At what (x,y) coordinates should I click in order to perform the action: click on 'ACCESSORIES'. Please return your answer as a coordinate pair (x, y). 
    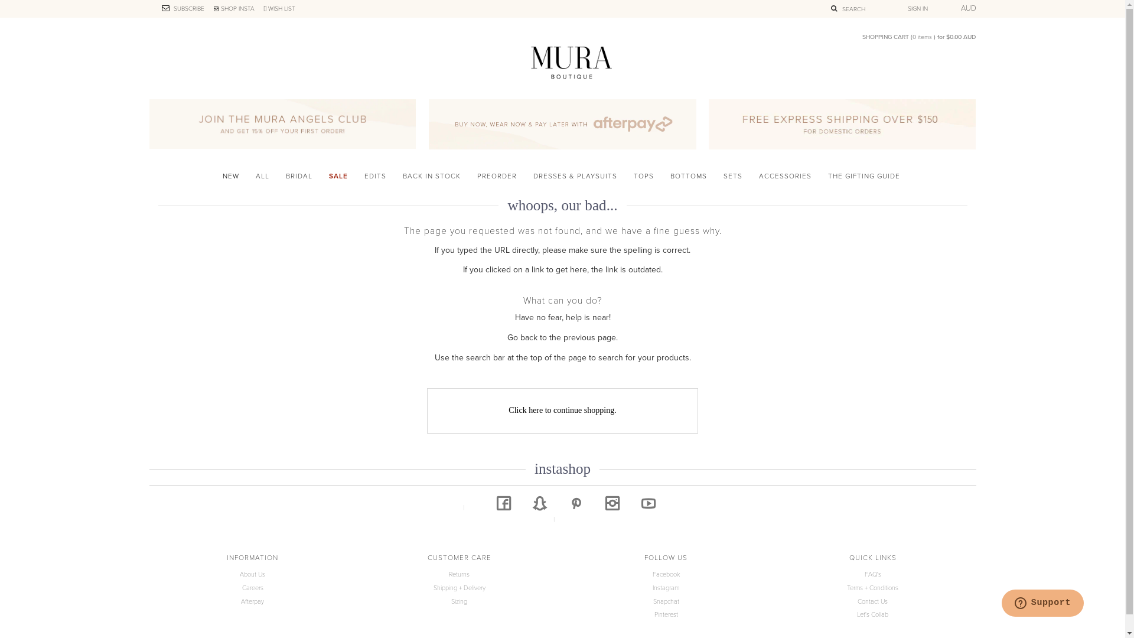
    Looking at the image, I should click on (785, 176).